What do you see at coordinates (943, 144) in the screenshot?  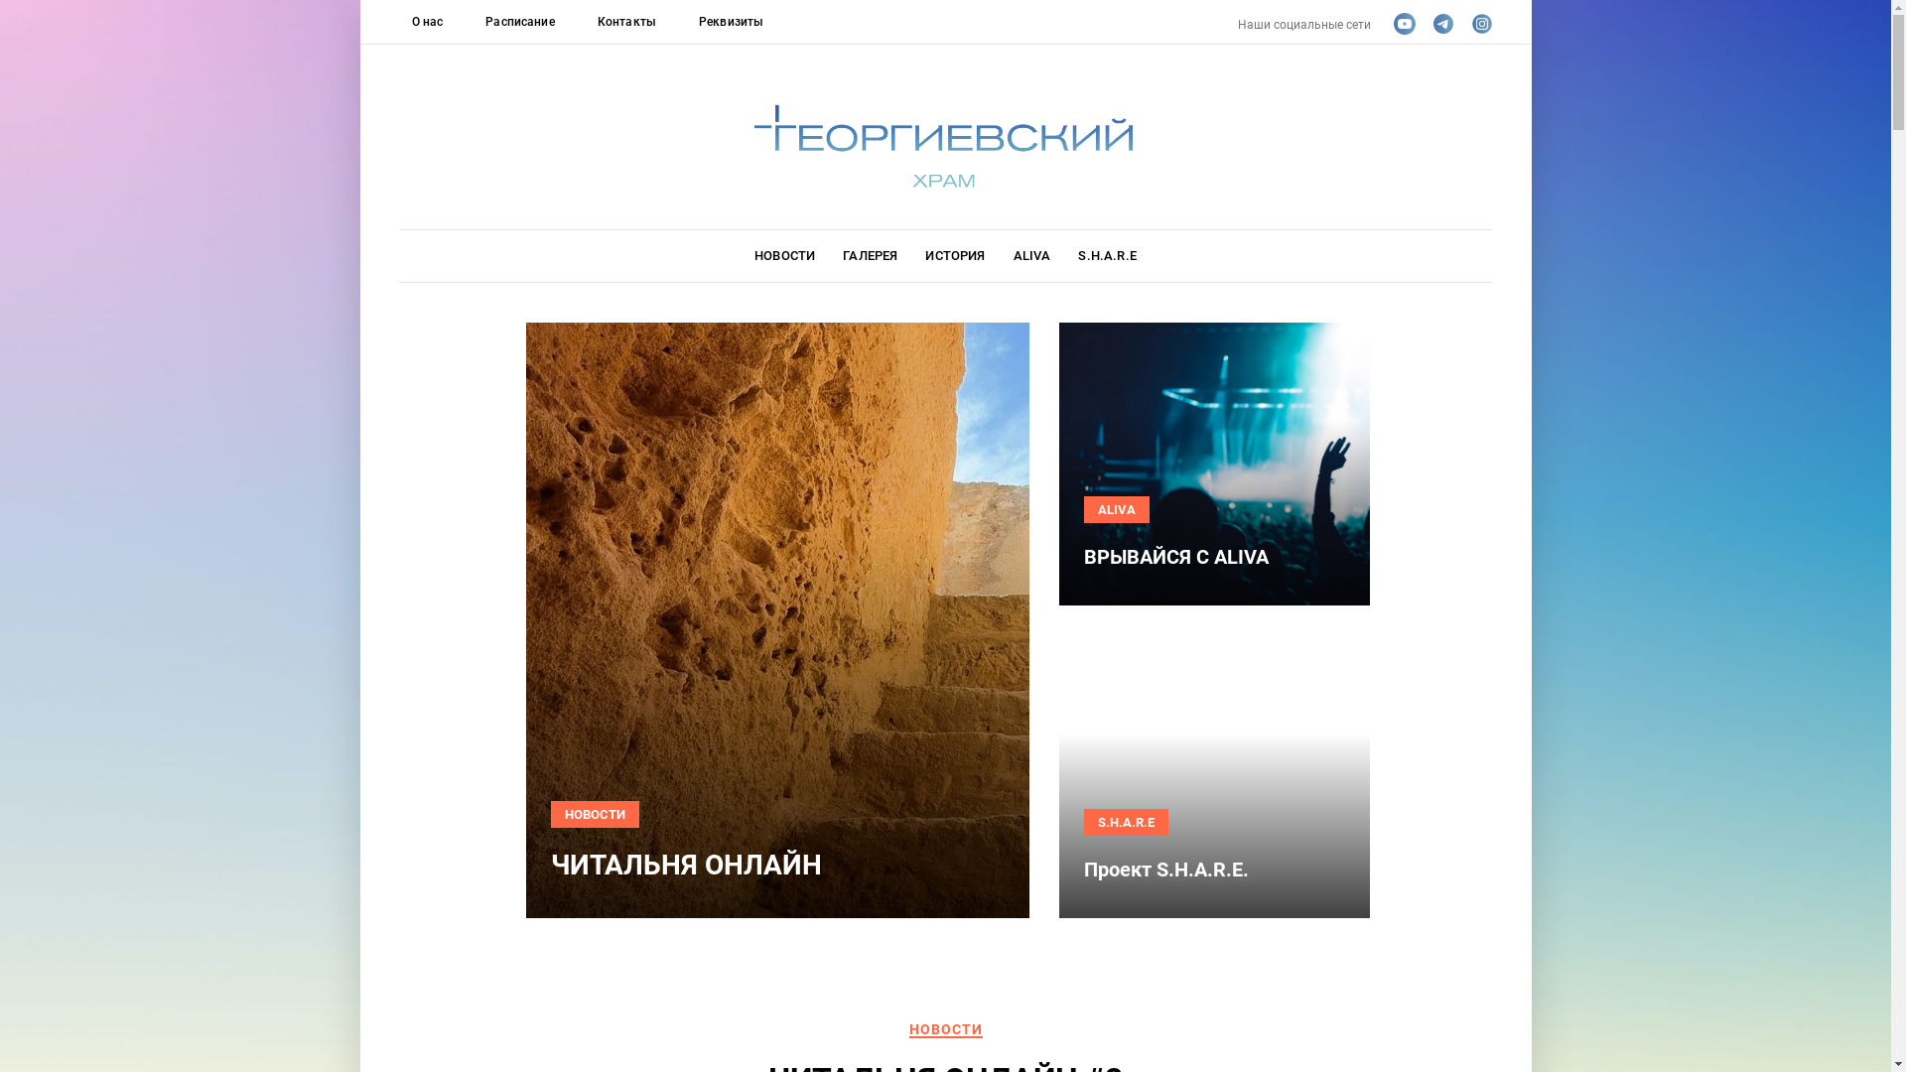 I see `'Logo'` at bounding box center [943, 144].